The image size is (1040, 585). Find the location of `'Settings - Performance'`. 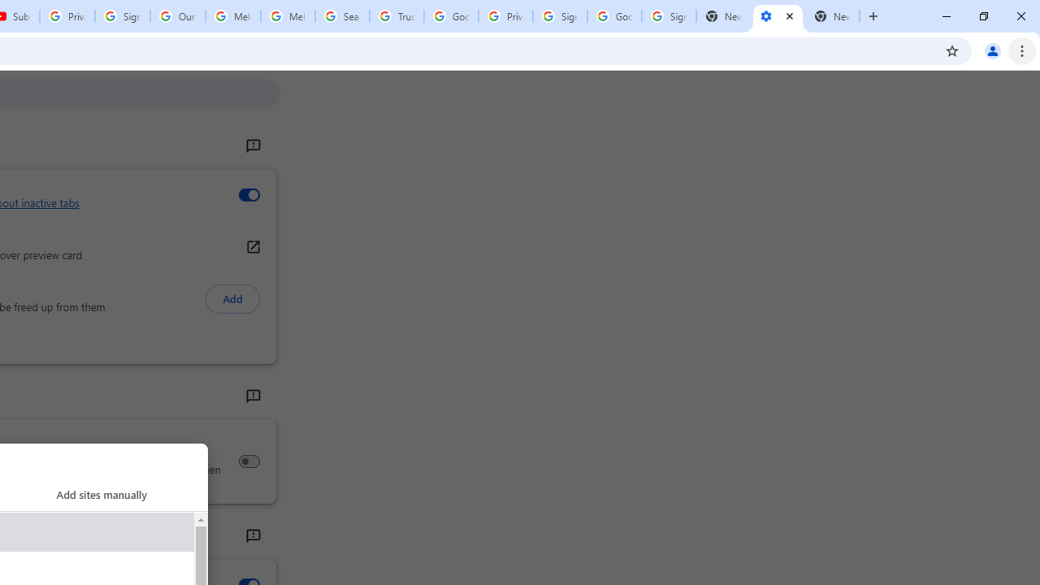

'Settings - Performance' is located at coordinates (777, 16).